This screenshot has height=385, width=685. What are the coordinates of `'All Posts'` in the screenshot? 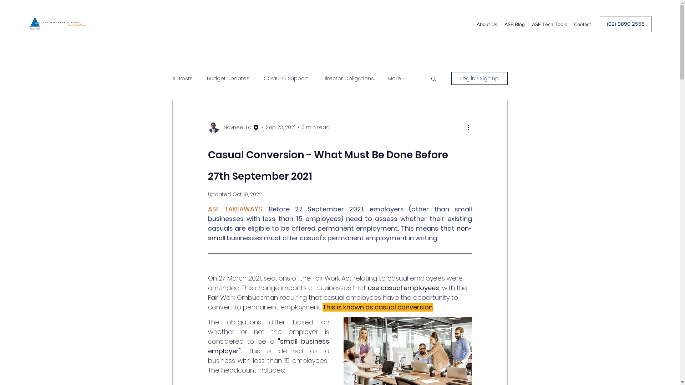 It's located at (182, 78).